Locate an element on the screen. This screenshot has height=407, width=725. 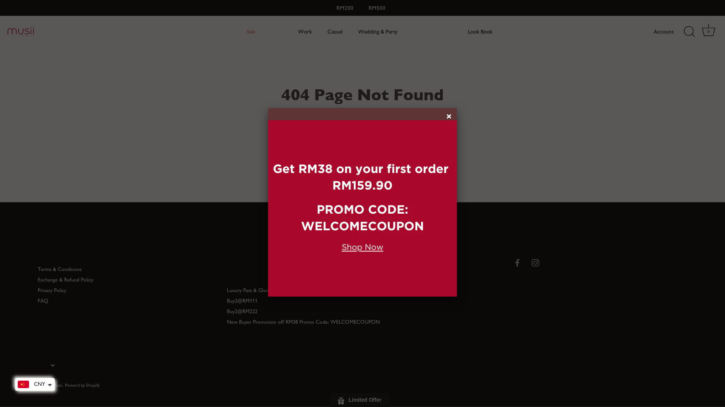
'Buy2@RM111' is located at coordinates (226, 300).